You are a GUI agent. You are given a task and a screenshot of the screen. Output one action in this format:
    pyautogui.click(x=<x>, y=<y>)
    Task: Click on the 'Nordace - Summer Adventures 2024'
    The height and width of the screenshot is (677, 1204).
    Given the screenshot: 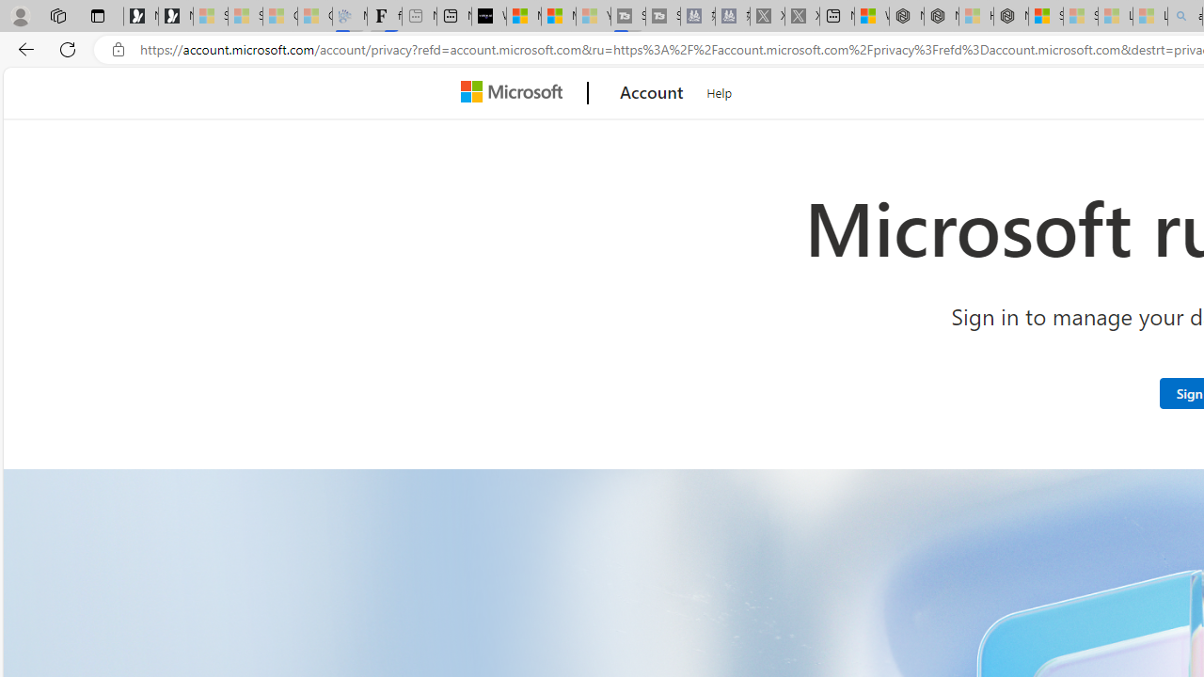 What is the action you would take?
    pyautogui.click(x=941, y=16)
    